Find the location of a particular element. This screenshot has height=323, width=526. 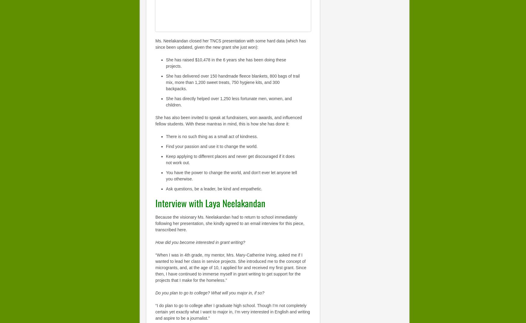

'She has raised $10,478 in the 6 years she has been doing these projects.' is located at coordinates (225, 63).